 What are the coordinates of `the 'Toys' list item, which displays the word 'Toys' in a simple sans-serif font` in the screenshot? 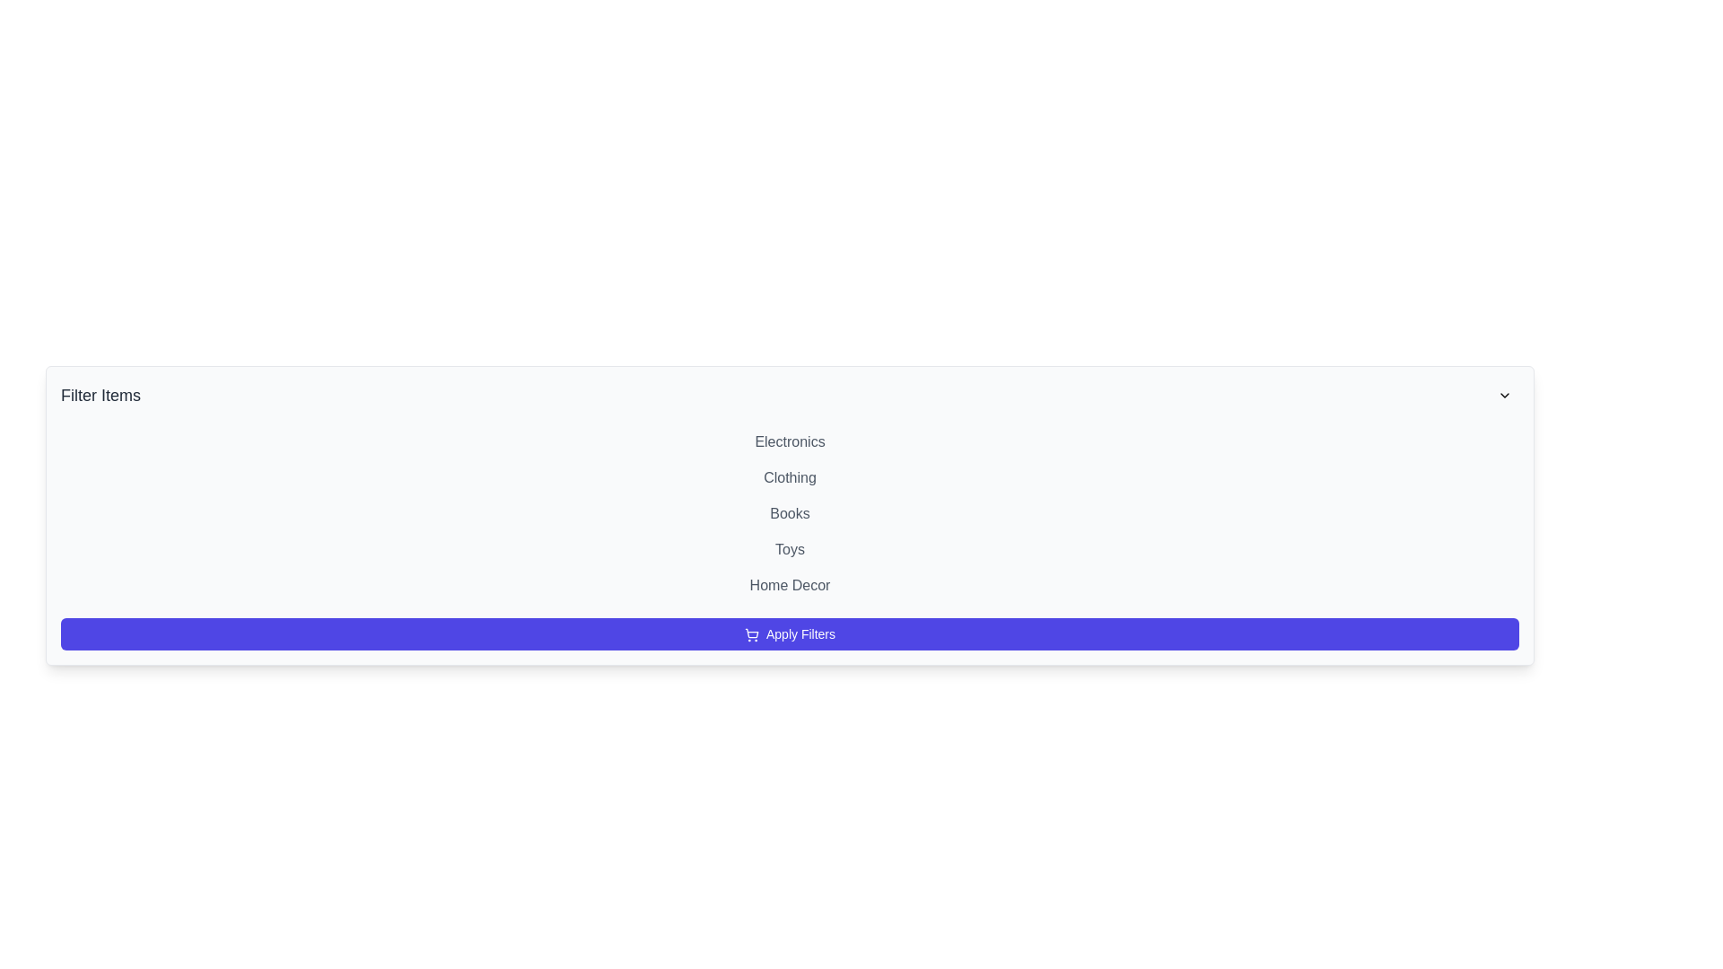 It's located at (790, 549).